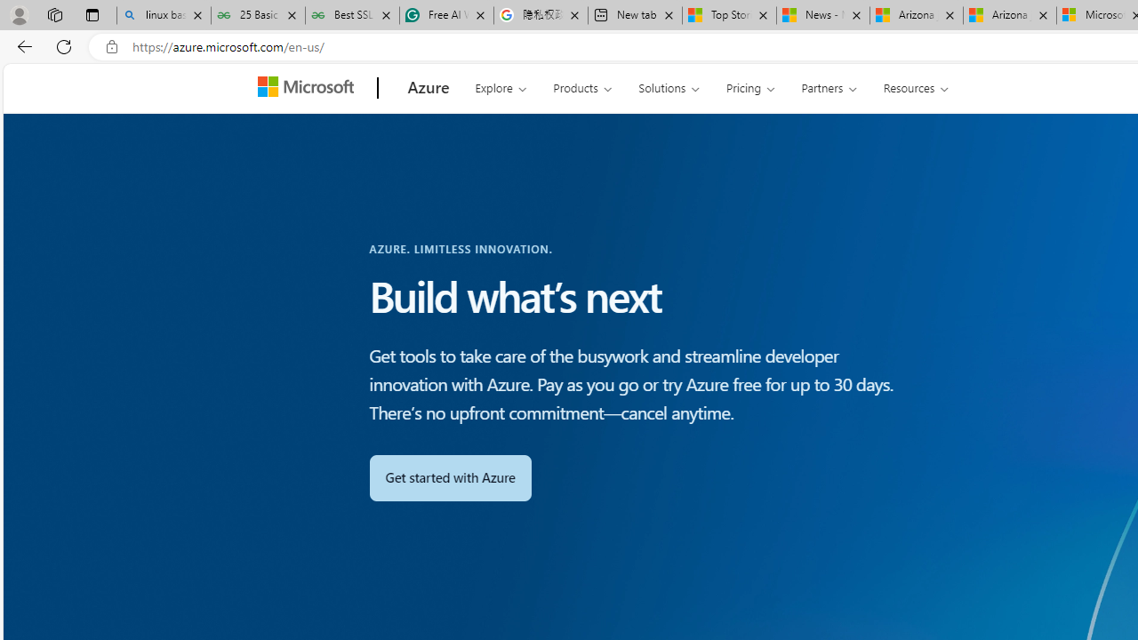  Describe the element at coordinates (822, 15) in the screenshot. I see `'News - MSN'` at that location.